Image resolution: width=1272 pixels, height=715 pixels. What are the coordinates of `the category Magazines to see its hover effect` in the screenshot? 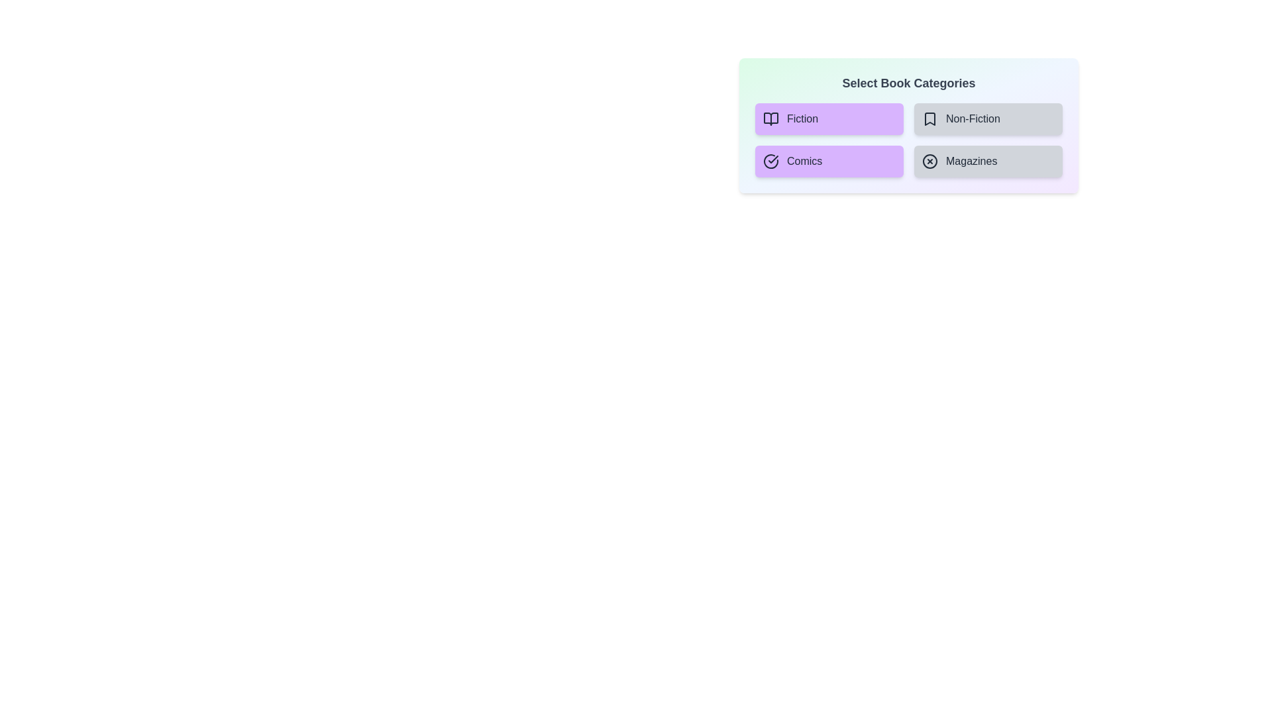 It's located at (988, 160).